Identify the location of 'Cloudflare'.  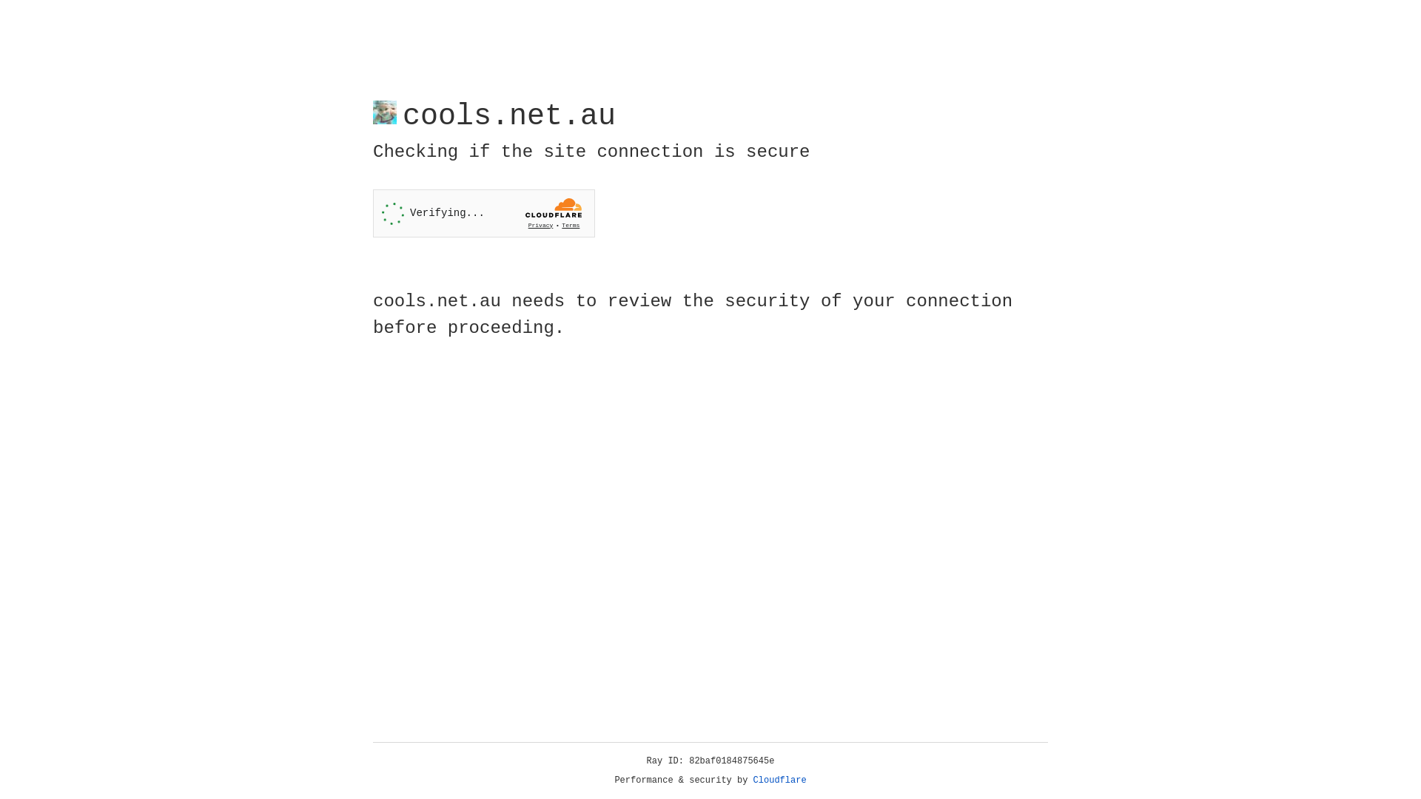
(753, 780).